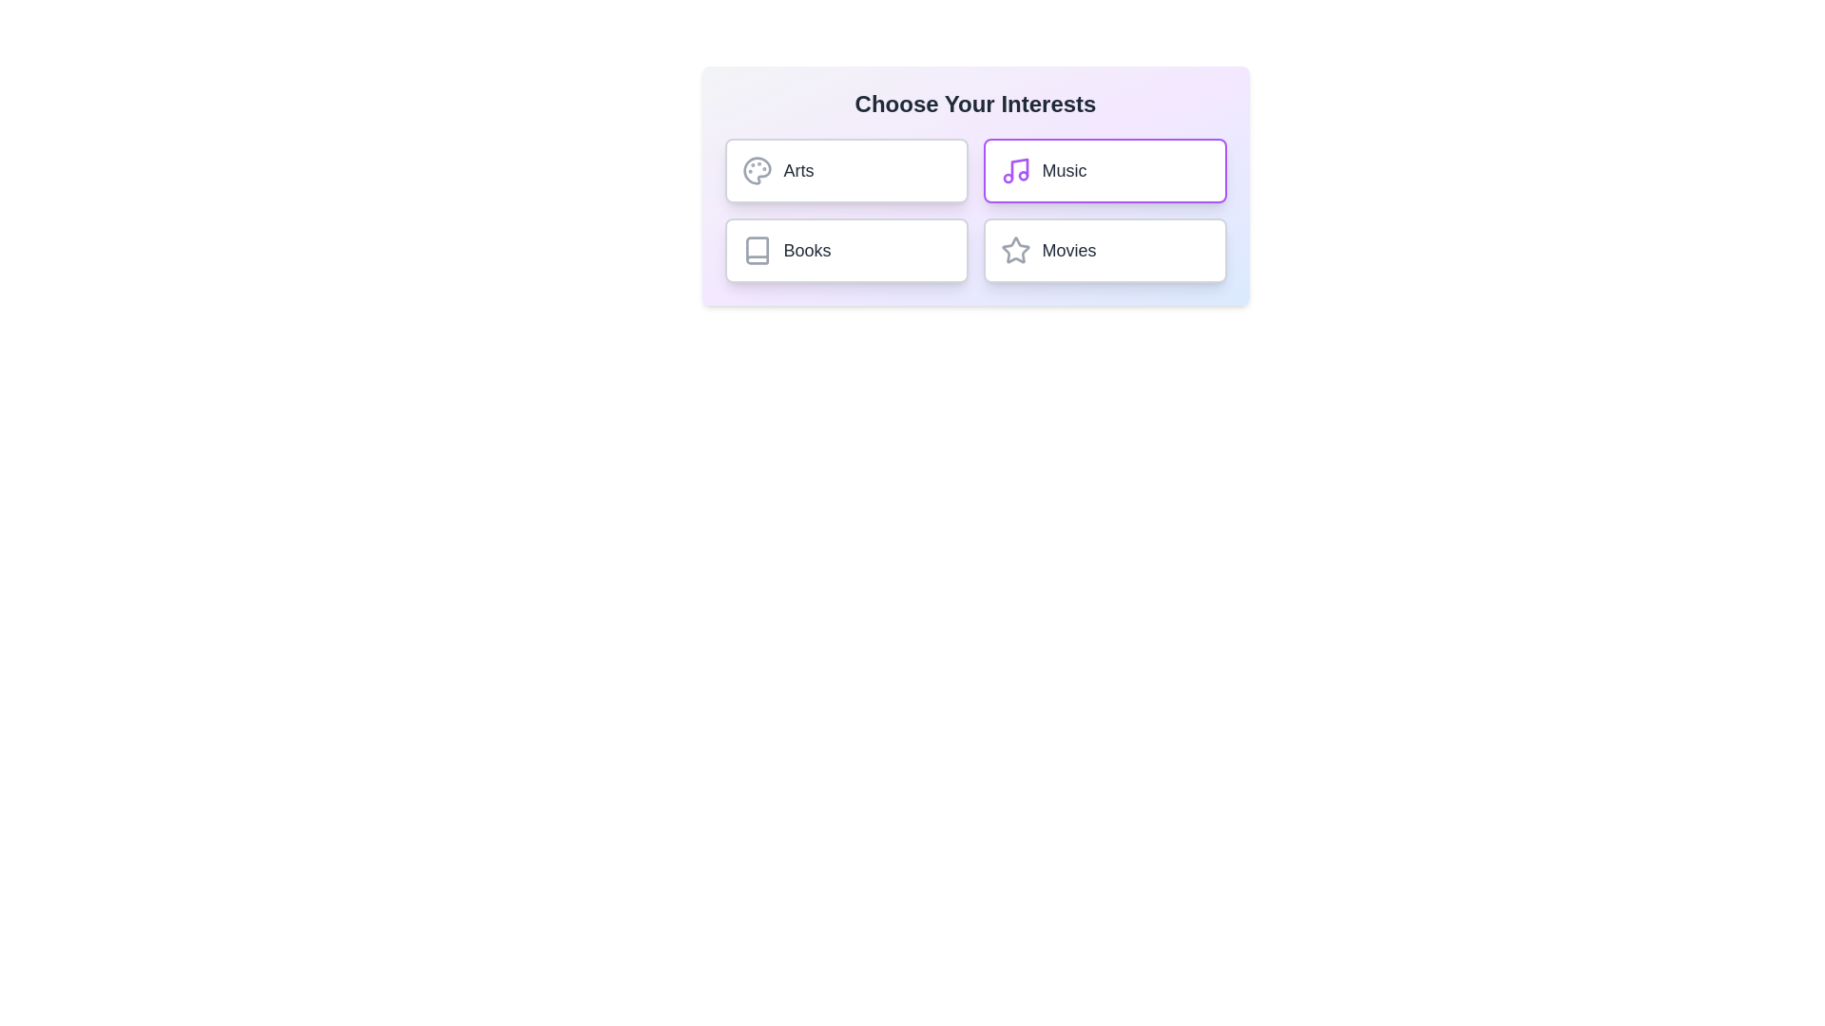 The width and height of the screenshot is (1825, 1026). What do you see at coordinates (975, 104) in the screenshot?
I see `the title text for selection or copying` at bounding box center [975, 104].